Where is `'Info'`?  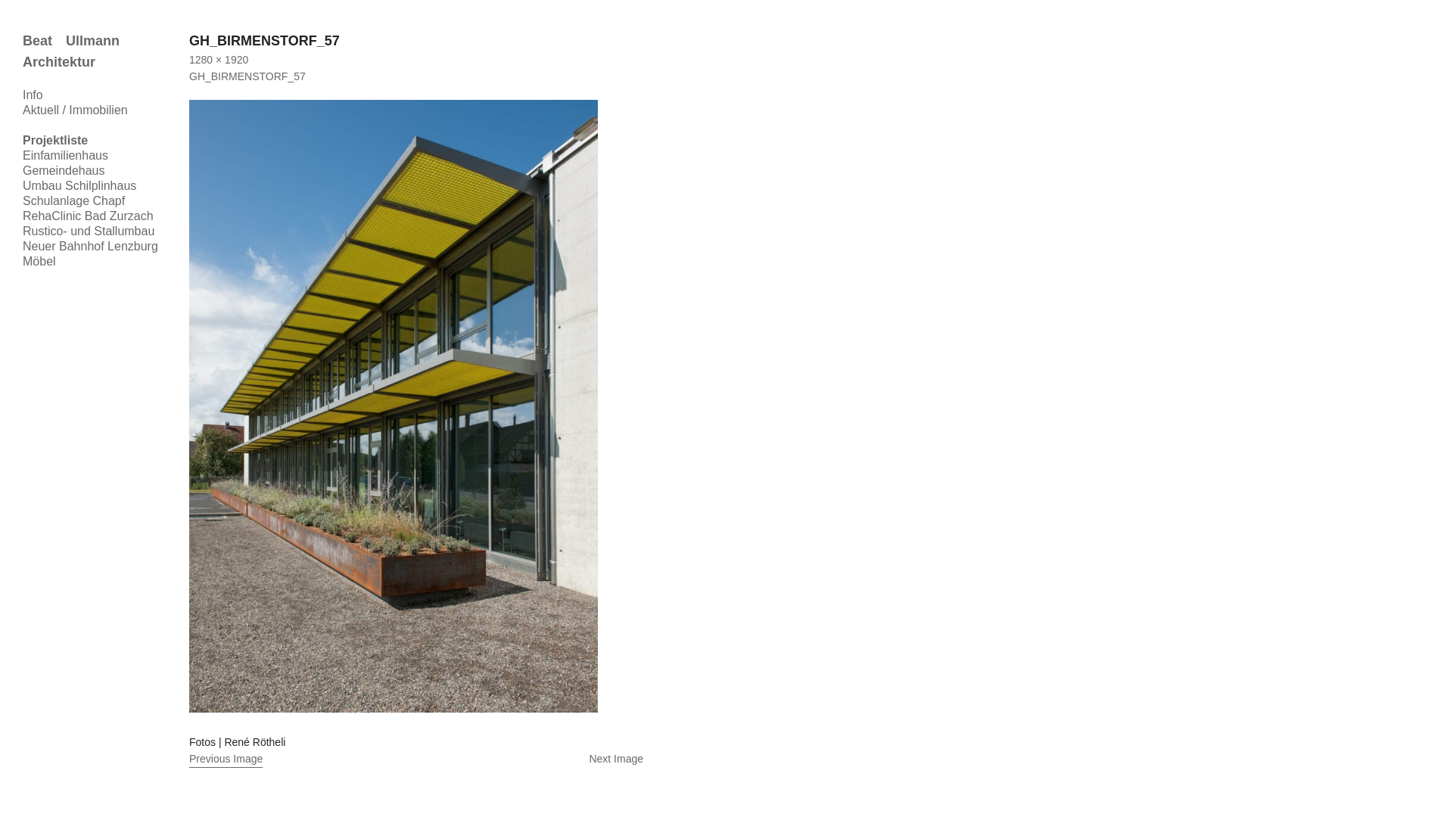
'Info' is located at coordinates (22, 95).